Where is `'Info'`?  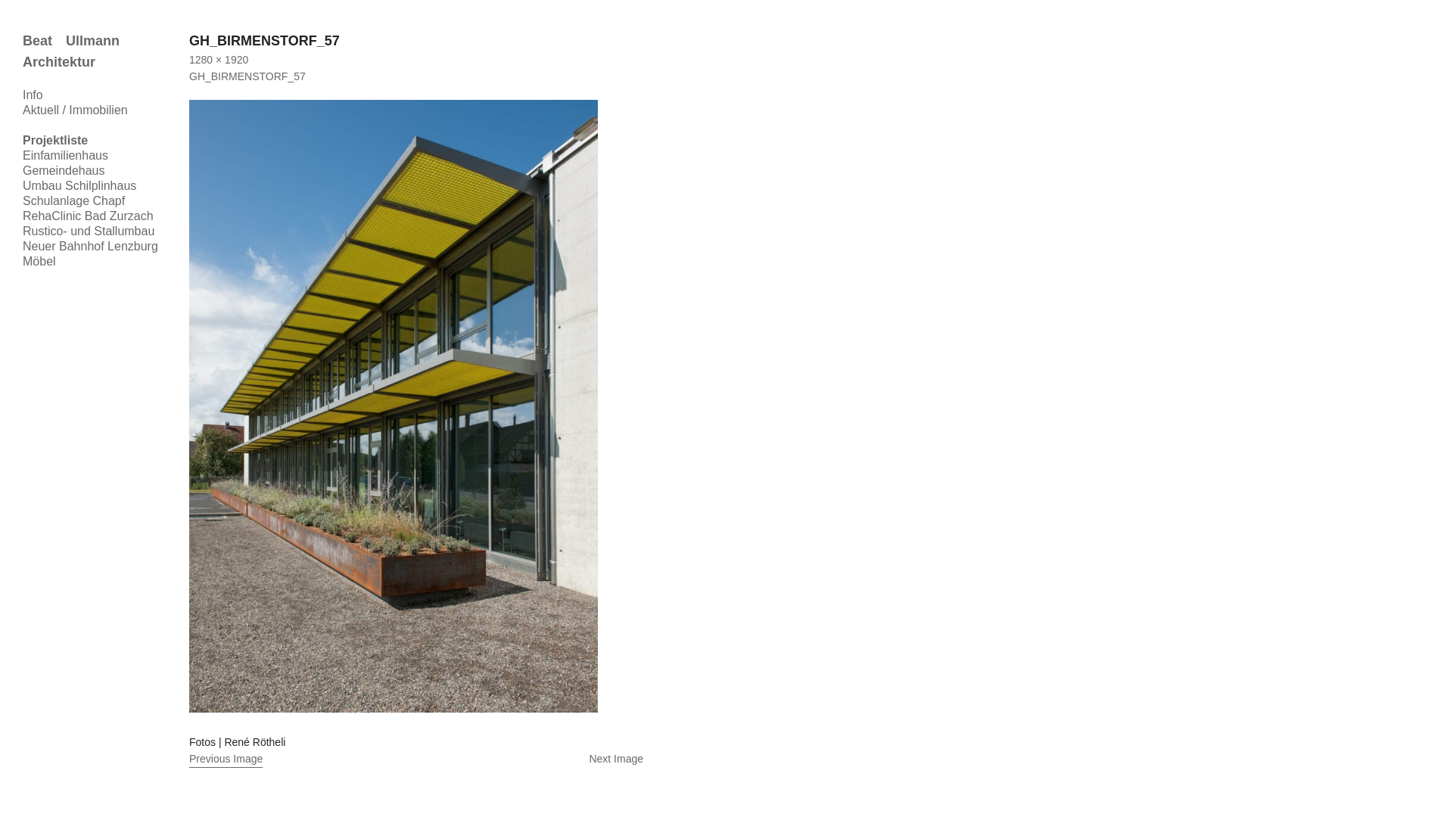
'Info' is located at coordinates (22, 95).